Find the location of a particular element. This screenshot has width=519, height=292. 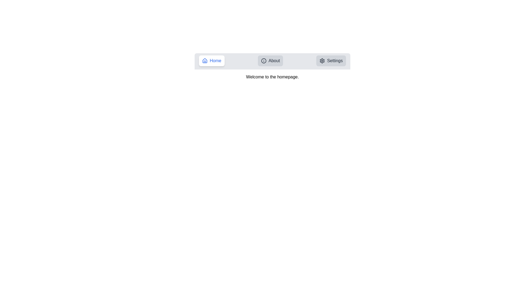

the tab labeled About is located at coordinates (270, 61).